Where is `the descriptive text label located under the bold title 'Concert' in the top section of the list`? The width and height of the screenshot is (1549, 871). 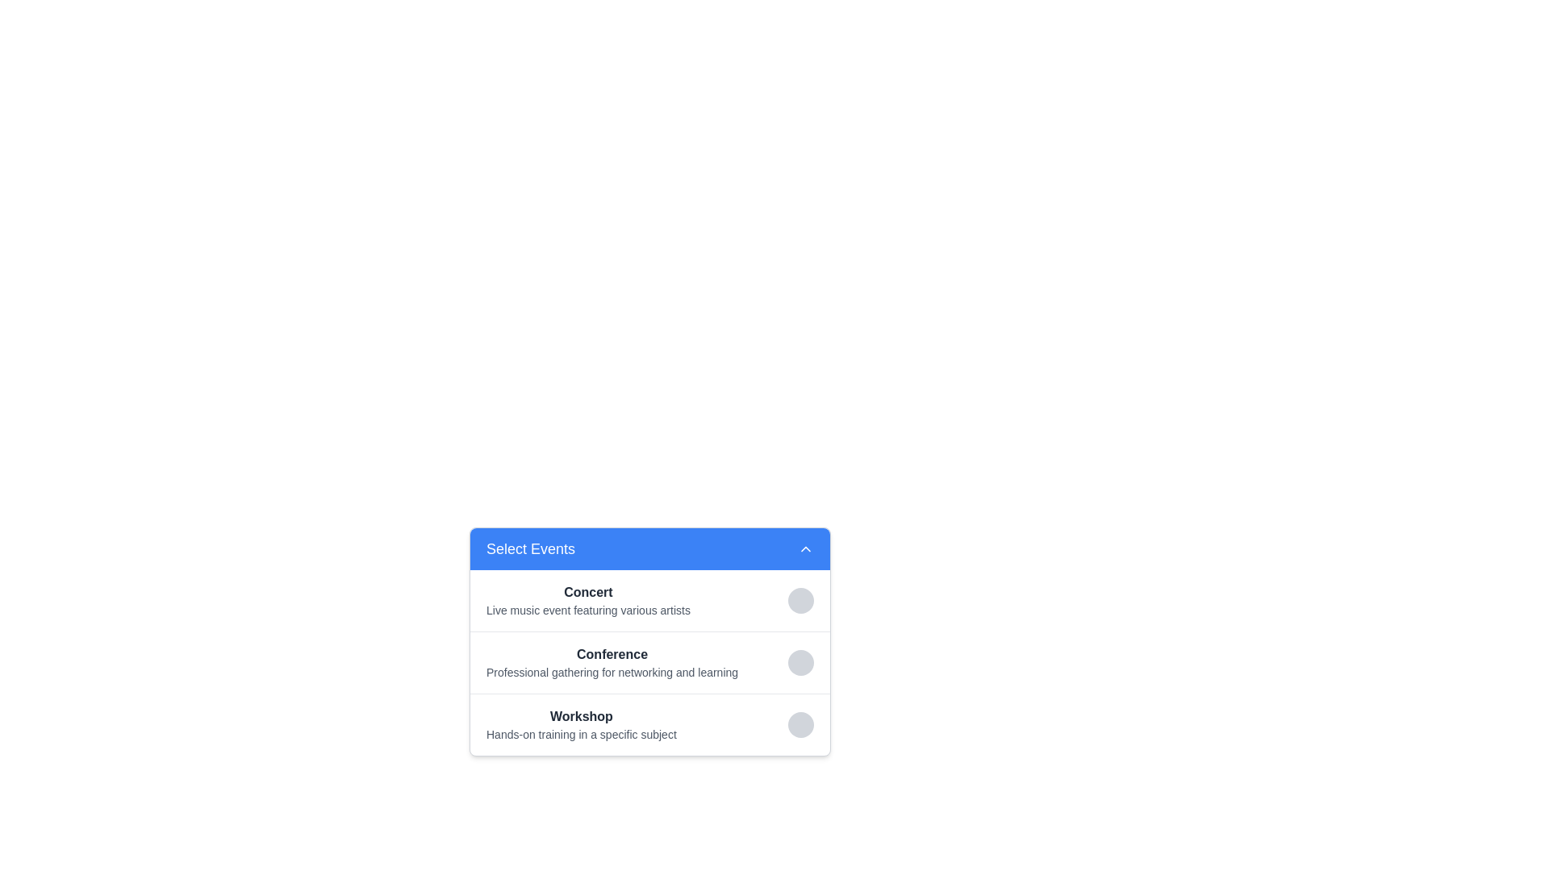 the descriptive text label located under the bold title 'Concert' in the top section of the list is located at coordinates (587, 610).